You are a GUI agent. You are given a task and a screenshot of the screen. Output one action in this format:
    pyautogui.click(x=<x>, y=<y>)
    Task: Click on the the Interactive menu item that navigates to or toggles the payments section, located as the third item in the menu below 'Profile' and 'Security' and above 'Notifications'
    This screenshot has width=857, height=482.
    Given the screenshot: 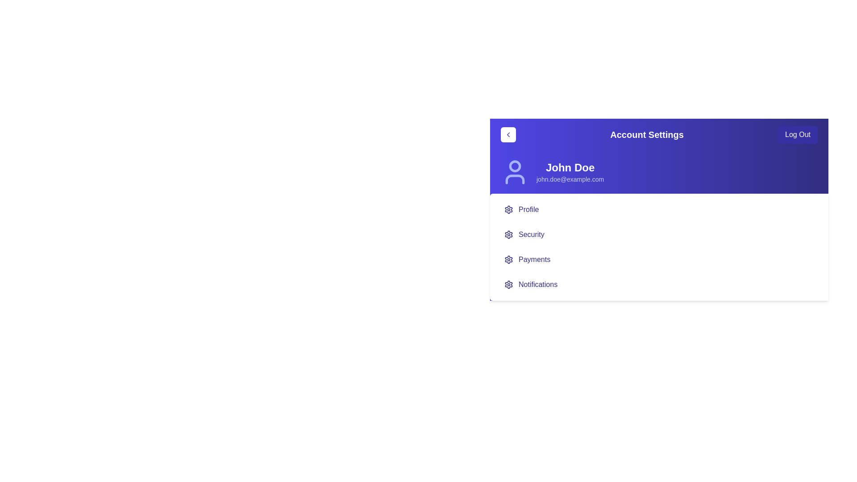 What is the action you would take?
    pyautogui.click(x=659, y=260)
    